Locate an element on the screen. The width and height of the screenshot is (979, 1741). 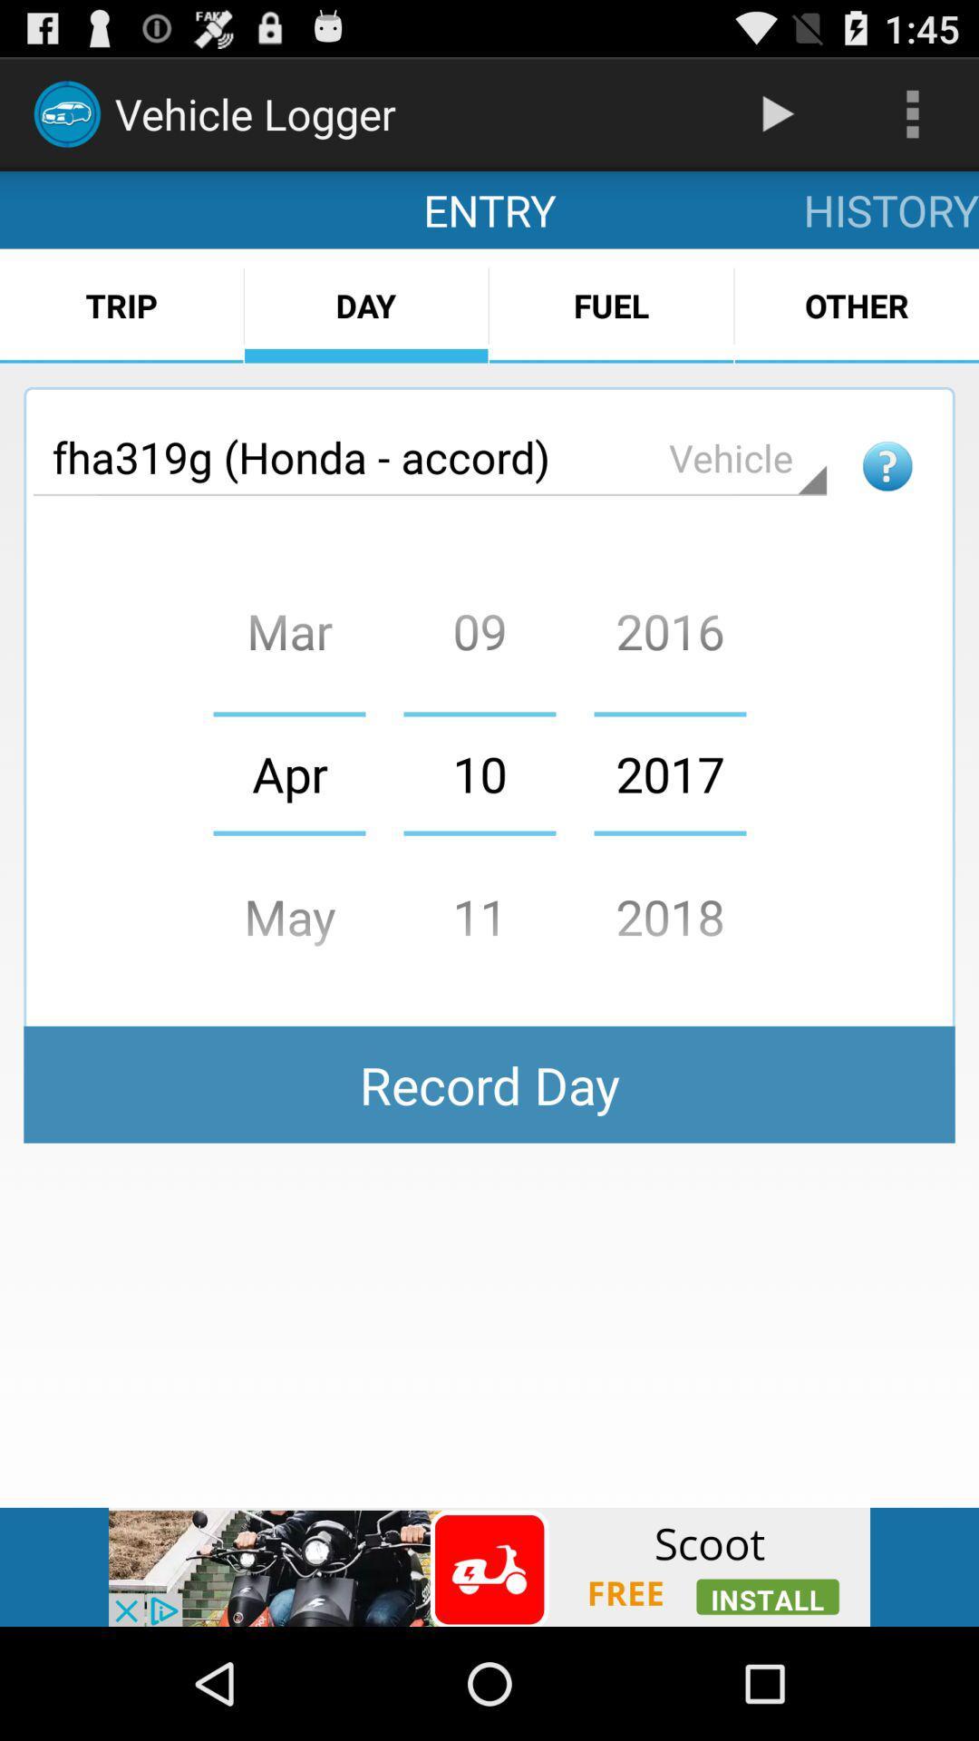
scoot advertisement is located at coordinates (489, 1566).